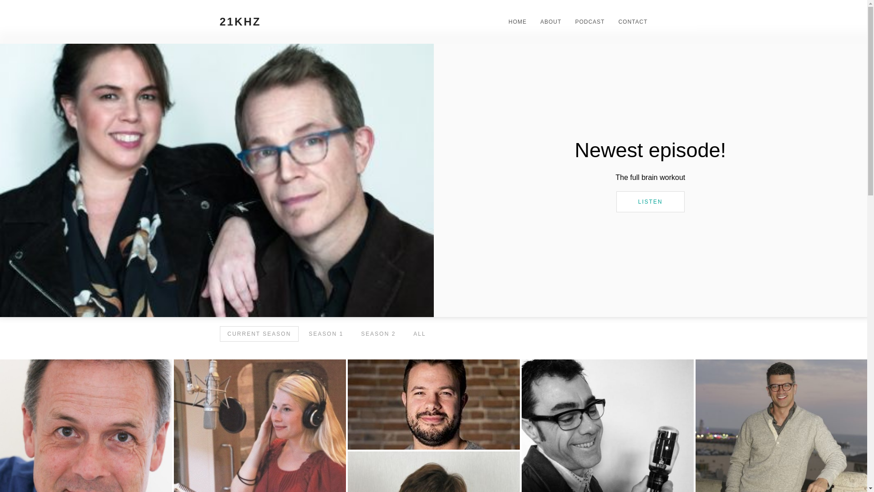 The height and width of the screenshot is (492, 874). Describe the element at coordinates (433, 404) in the screenshot. I see `'Really Cool Uncorrelated Musical Assets'` at that location.